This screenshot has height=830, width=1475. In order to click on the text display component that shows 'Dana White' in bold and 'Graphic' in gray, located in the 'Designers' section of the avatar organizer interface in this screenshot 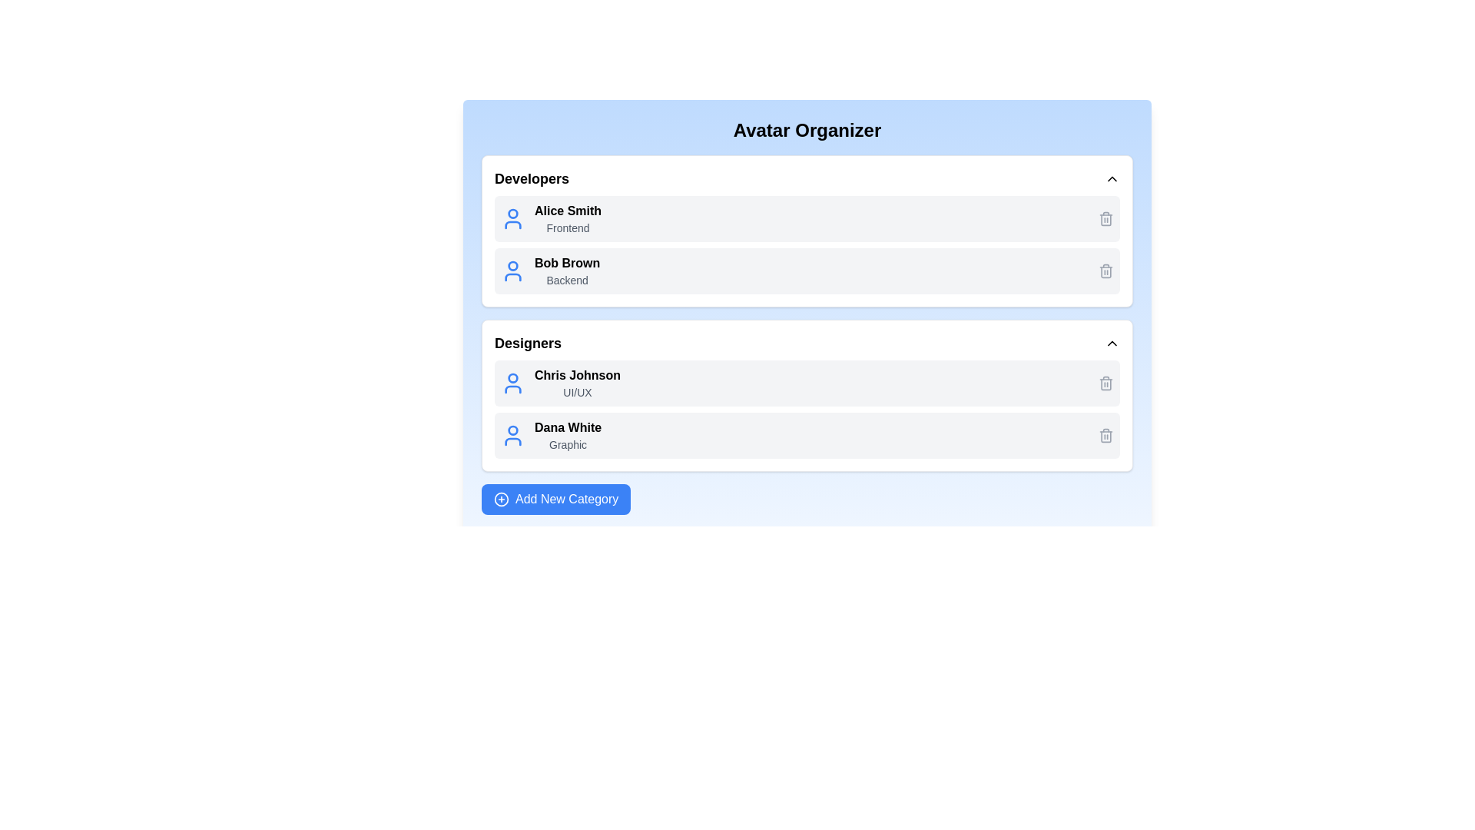, I will do `click(567, 436)`.